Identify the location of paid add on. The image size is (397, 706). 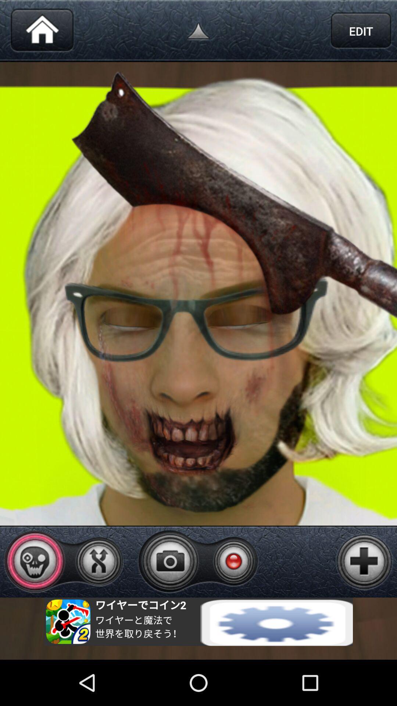
(364, 561).